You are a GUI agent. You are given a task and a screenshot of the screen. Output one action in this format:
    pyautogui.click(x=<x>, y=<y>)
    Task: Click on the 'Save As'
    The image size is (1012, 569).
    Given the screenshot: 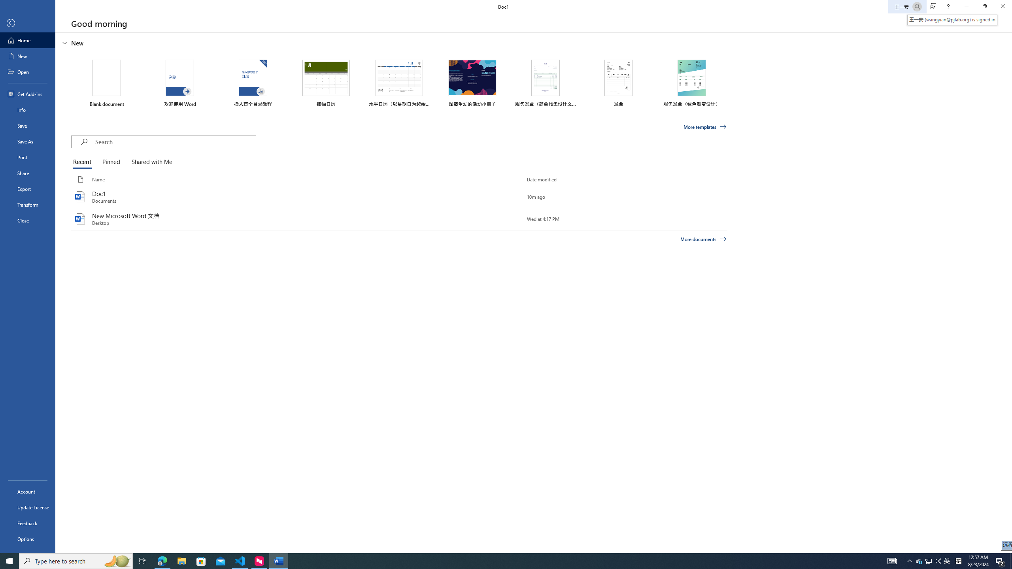 What is the action you would take?
    pyautogui.click(x=27, y=141)
    